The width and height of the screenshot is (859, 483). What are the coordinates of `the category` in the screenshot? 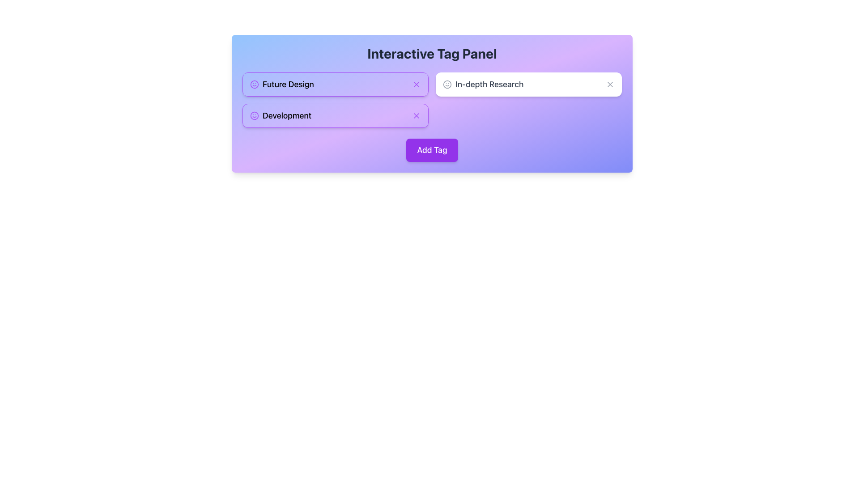 It's located at (287, 115).